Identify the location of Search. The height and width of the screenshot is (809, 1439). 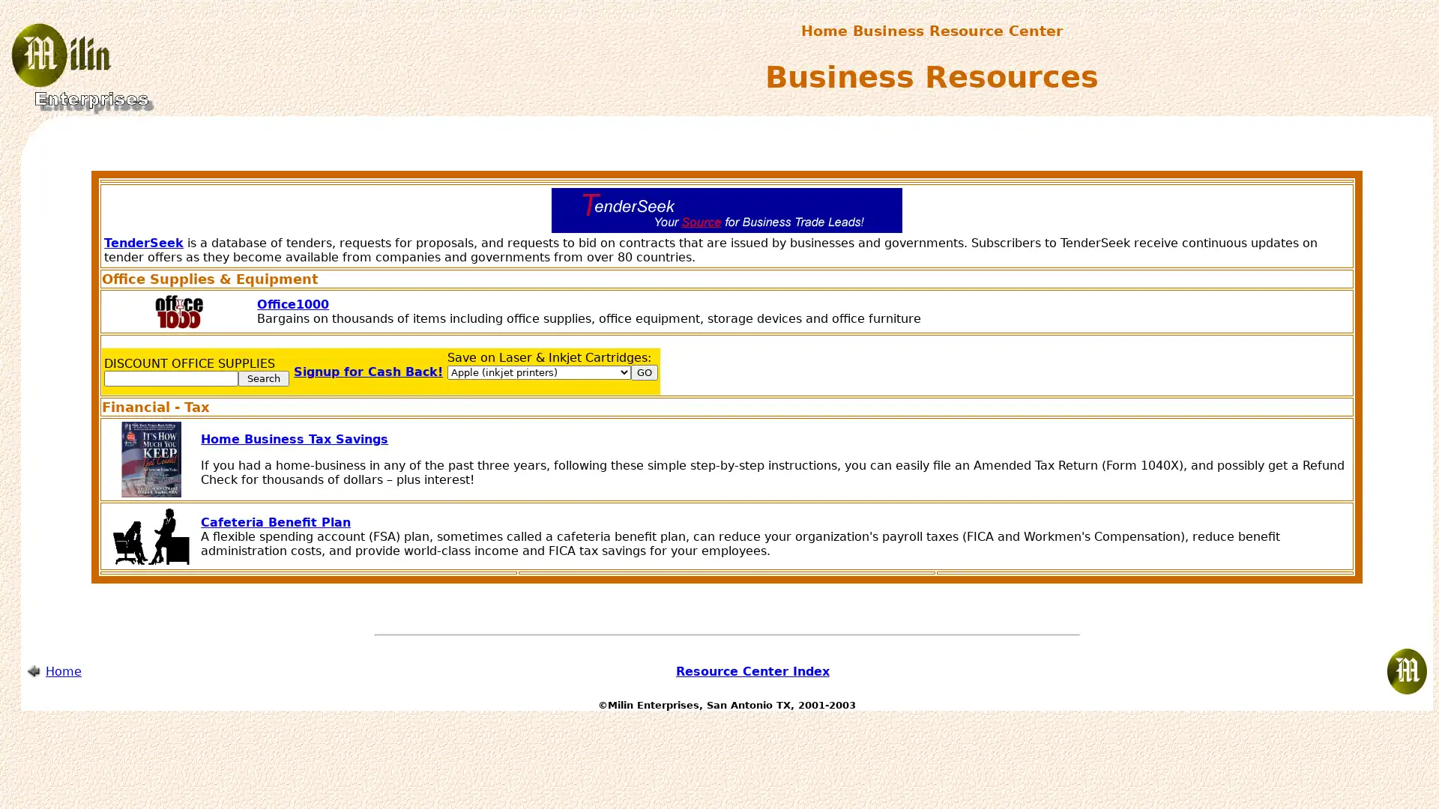
(263, 378).